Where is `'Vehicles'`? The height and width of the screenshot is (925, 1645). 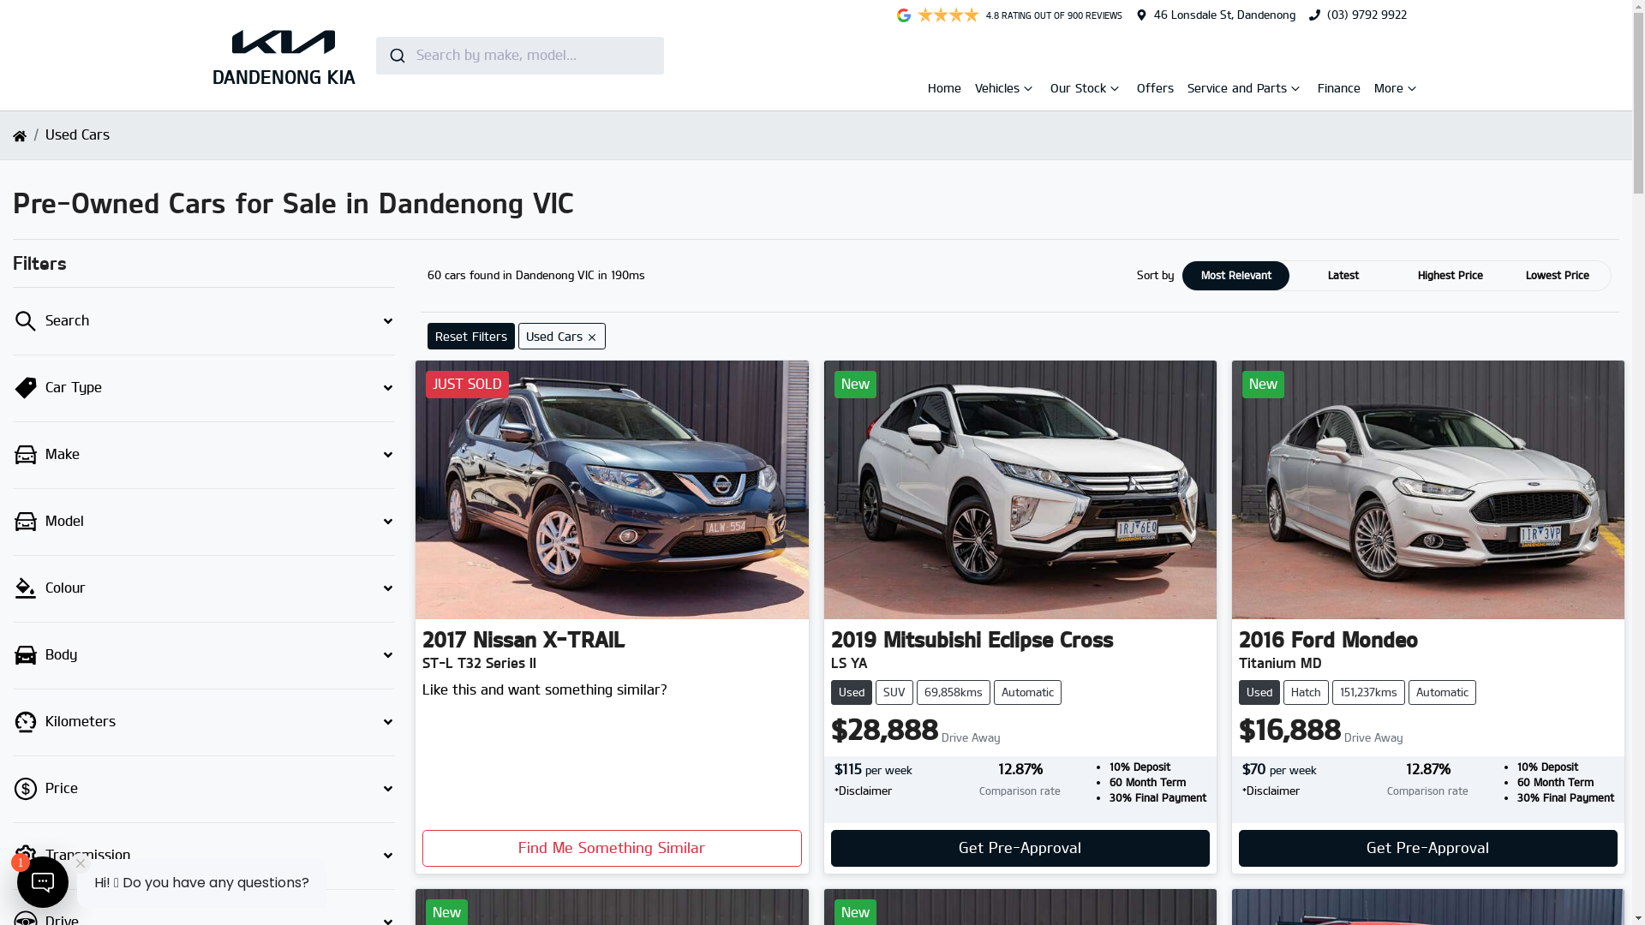
'Vehicles' is located at coordinates (999, 91).